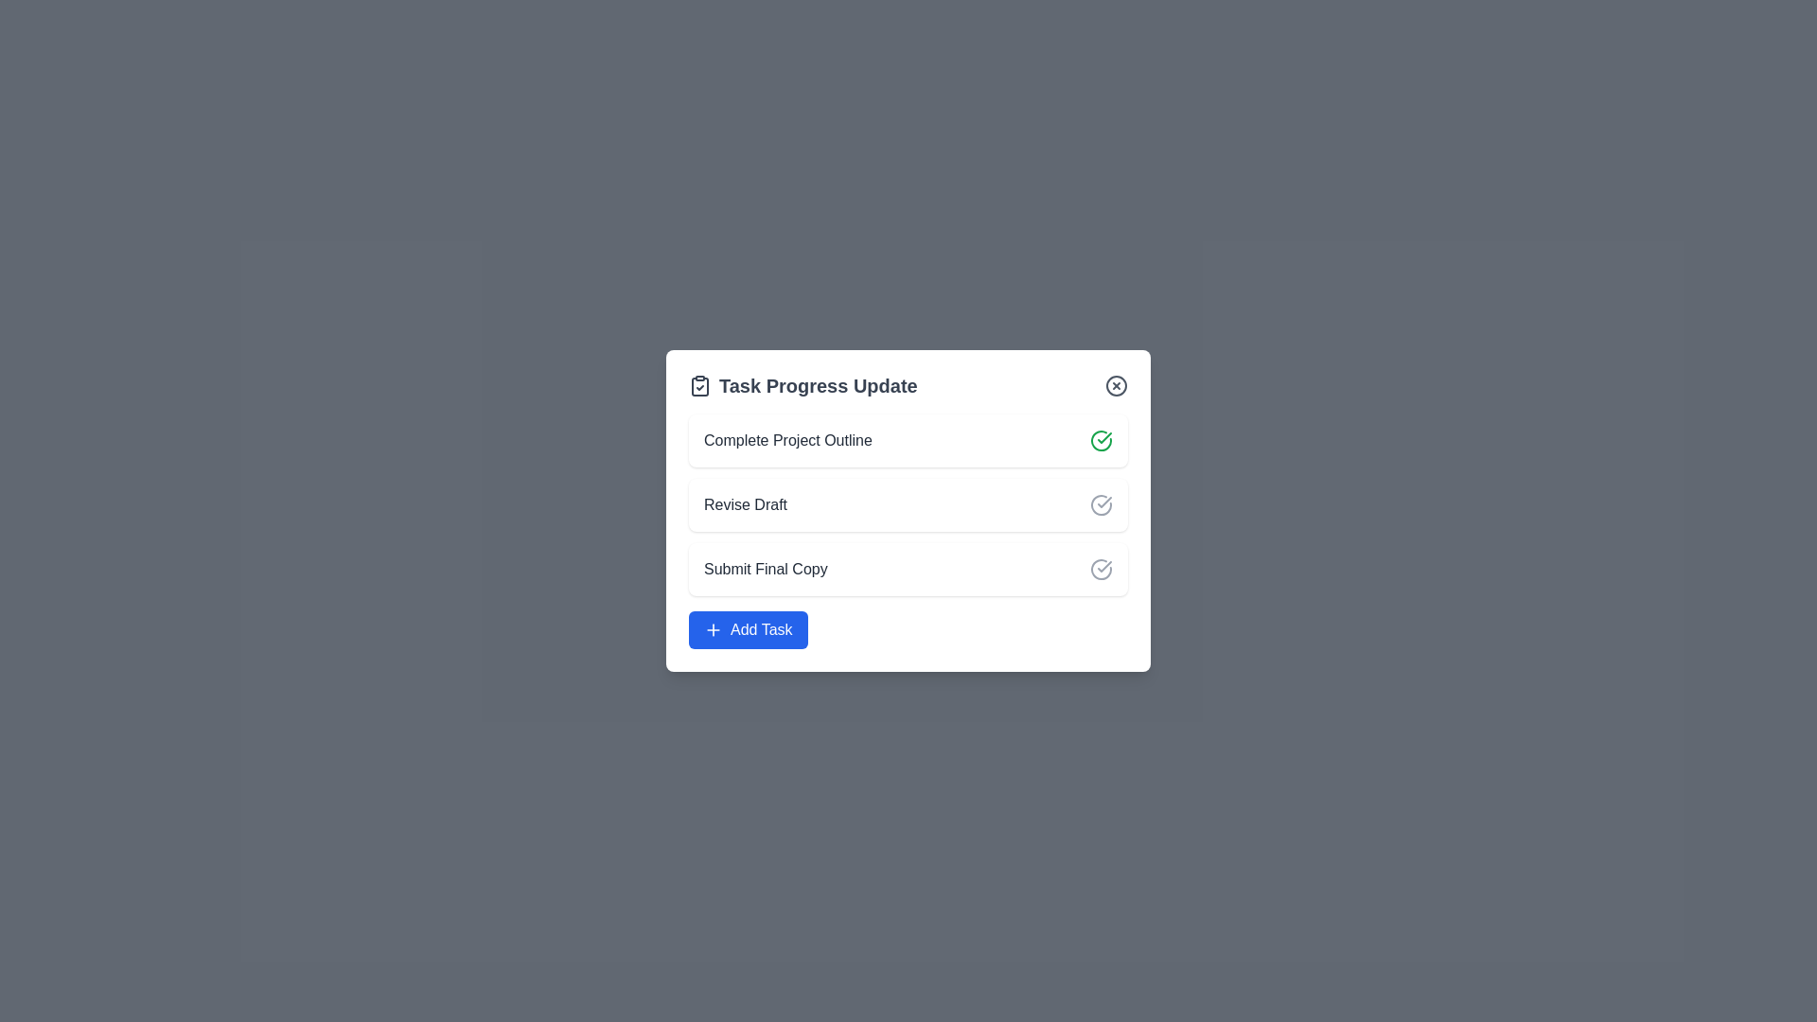  What do you see at coordinates (744, 503) in the screenshot?
I see `the second text label in the vertically organized task list that identifies a specific task in the task management interface` at bounding box center [744, 503].